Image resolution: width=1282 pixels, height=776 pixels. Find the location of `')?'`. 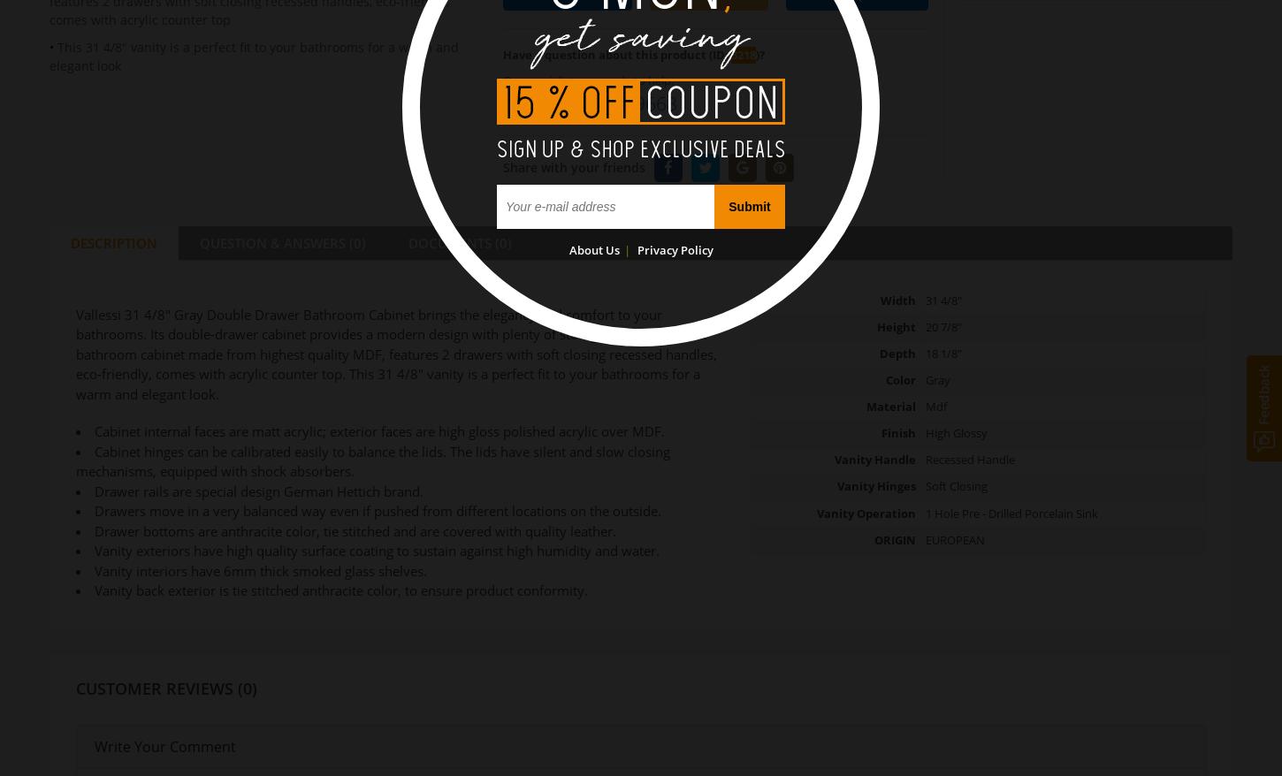

')?' is located at coordinates (759, 54).